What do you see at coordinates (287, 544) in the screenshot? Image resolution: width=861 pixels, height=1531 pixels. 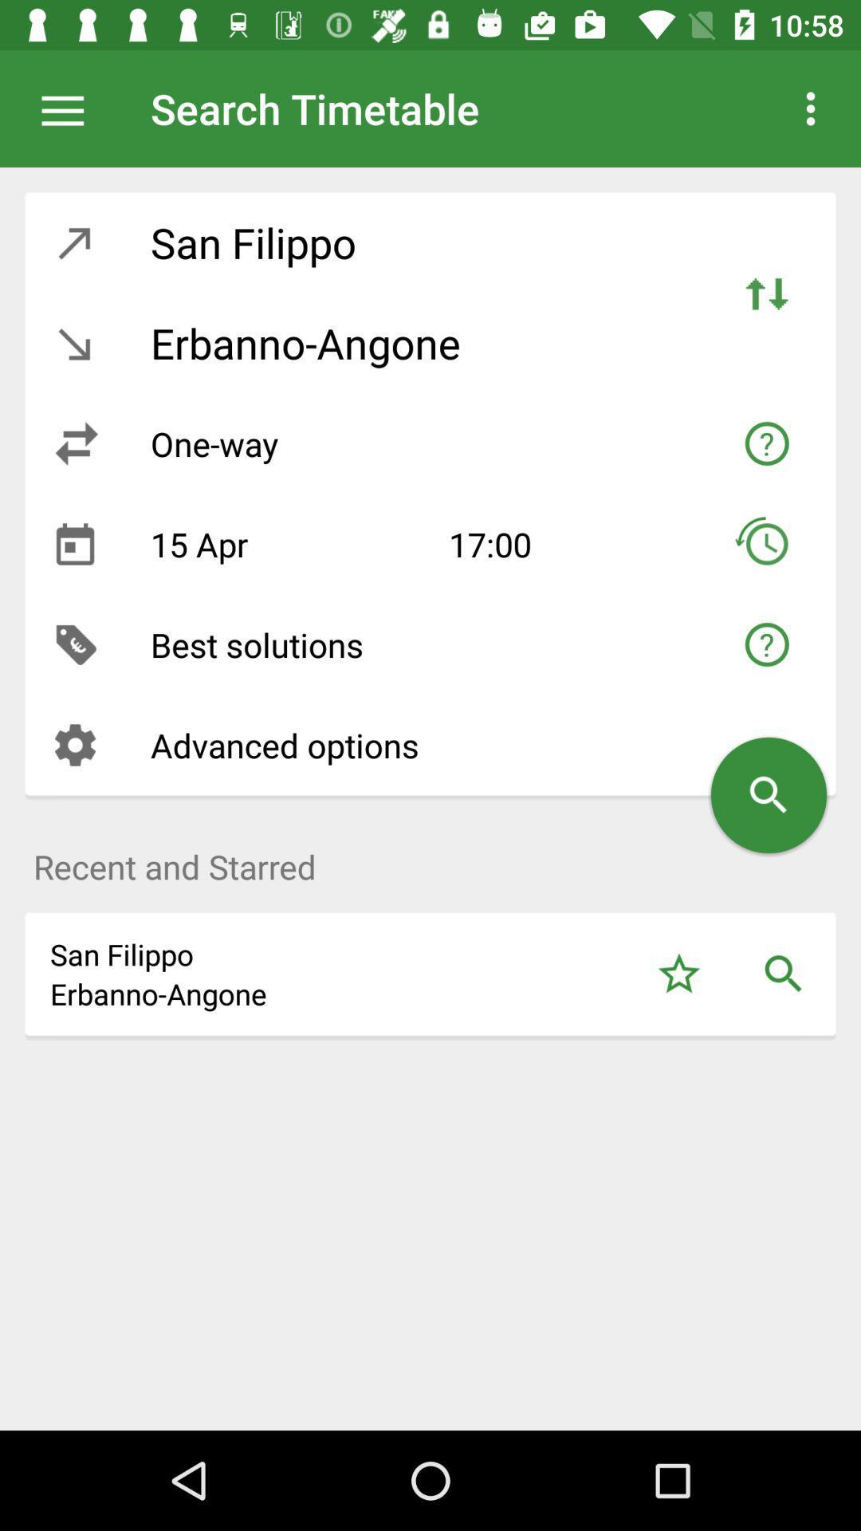 I see `icon next to 17:00 icon` at bounding box center [287, 544].